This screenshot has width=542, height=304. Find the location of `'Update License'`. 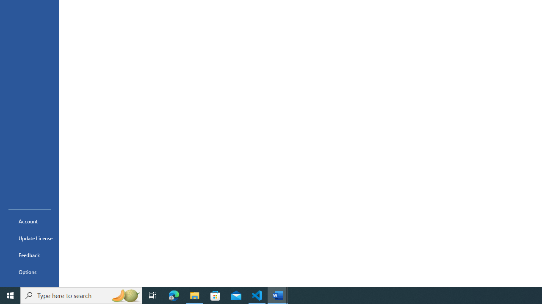

'Update License' is located at coordinates (29, 238).